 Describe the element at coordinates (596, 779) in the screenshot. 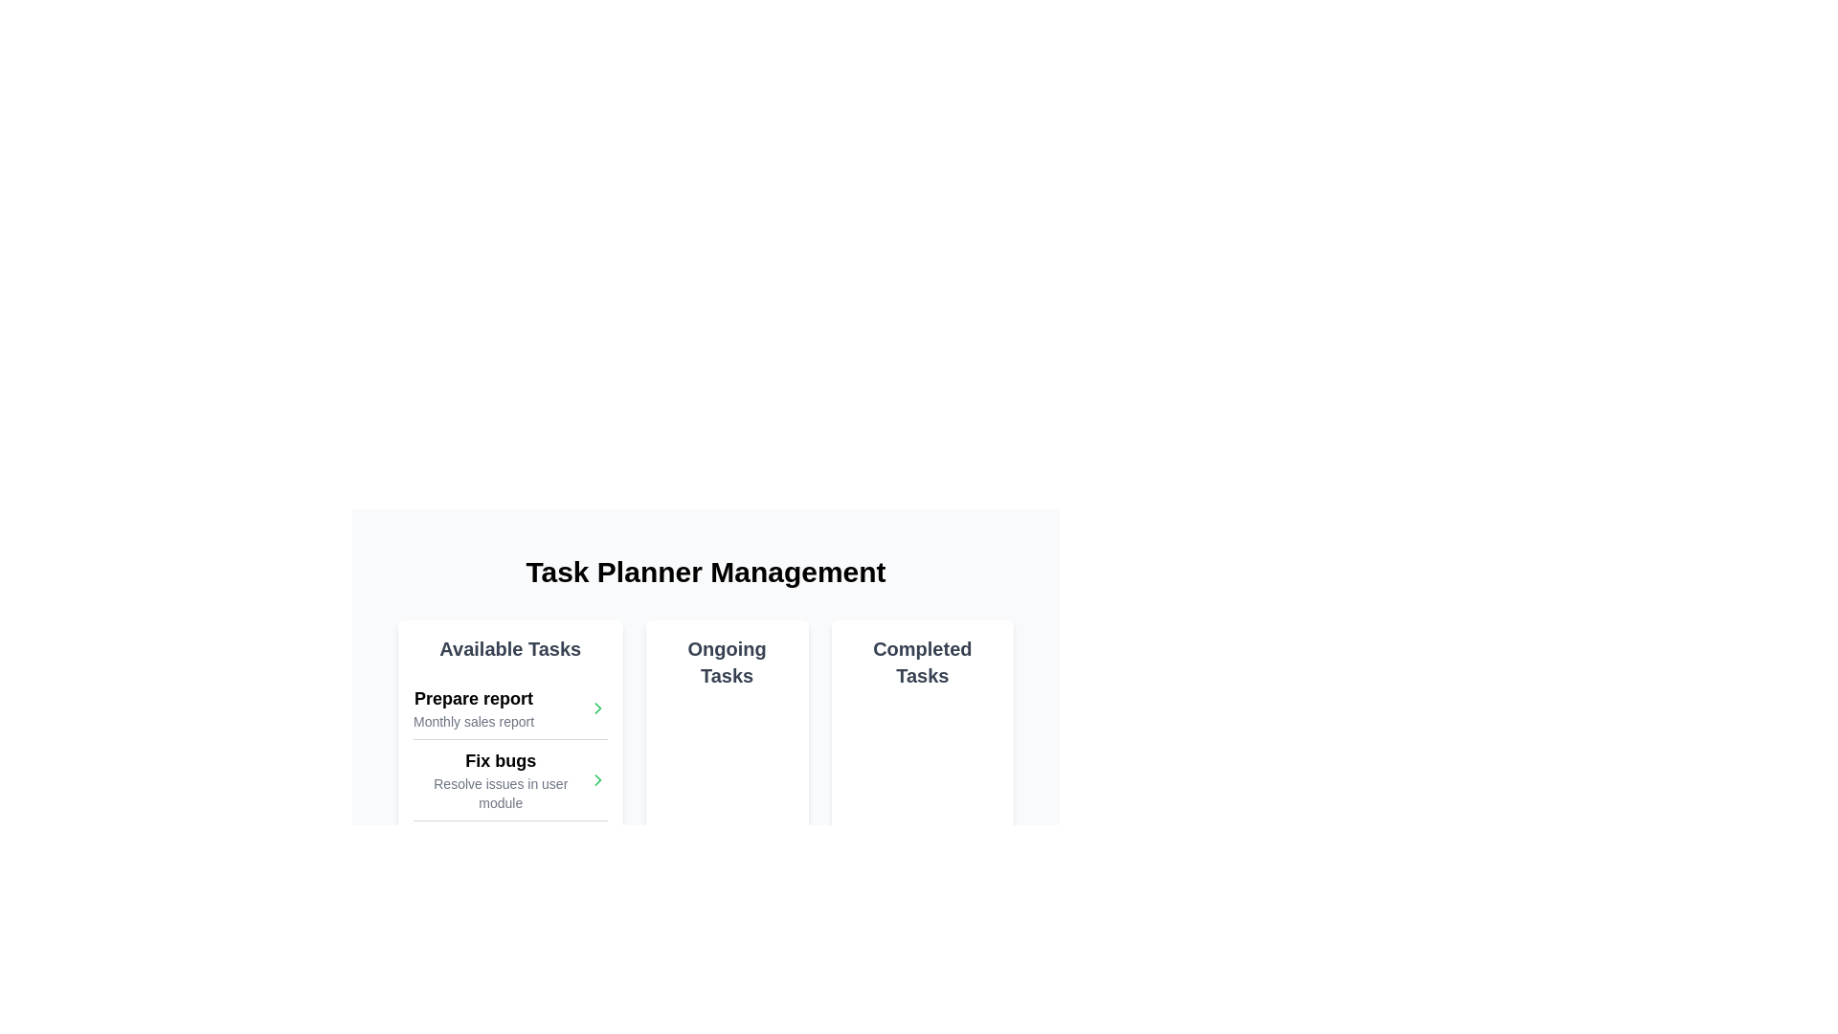

I see `the interactive icon located at the far-right of the 'Prepare report' task in the 'Available Tasks' card` at that location.